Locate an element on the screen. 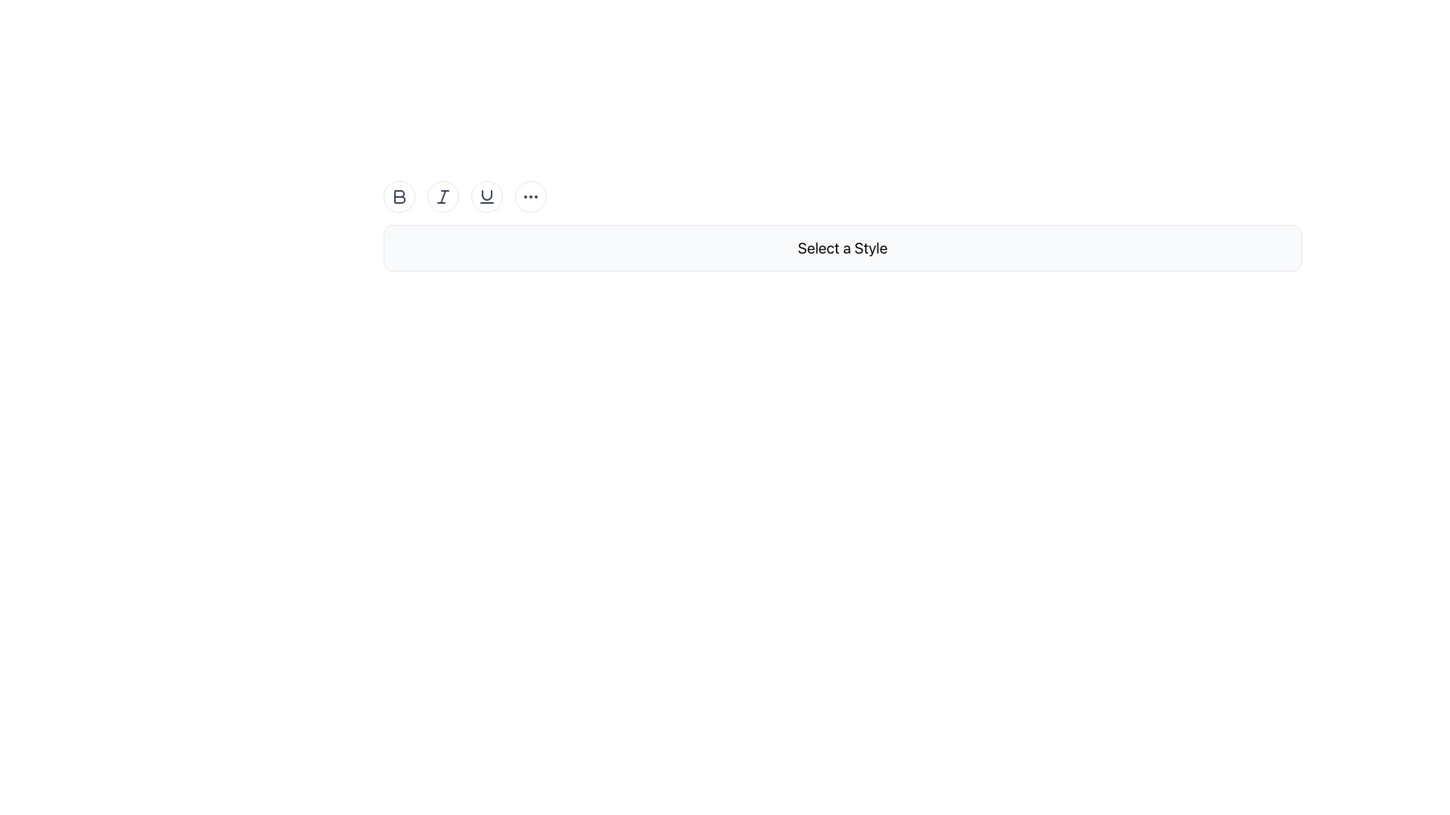 Image resolution: width=1450 pixels, height=815 pixels. the Button (Italic Icon) is located at coordinates (442, 196).